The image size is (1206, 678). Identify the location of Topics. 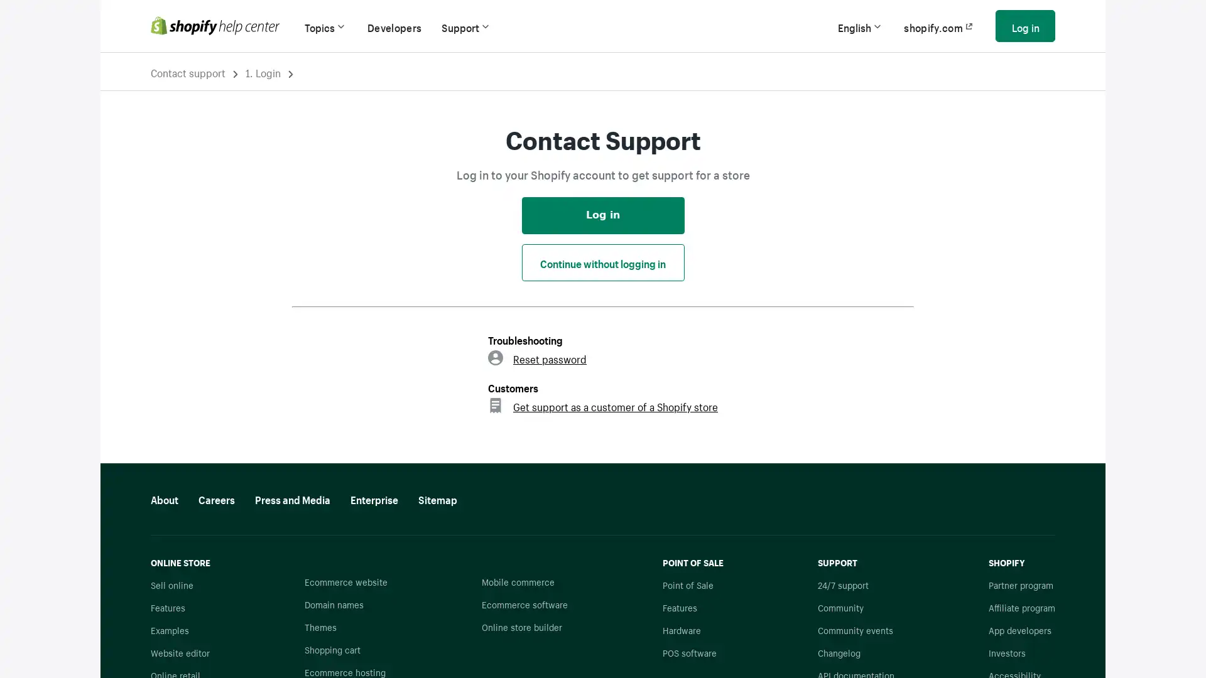
(325, 26).